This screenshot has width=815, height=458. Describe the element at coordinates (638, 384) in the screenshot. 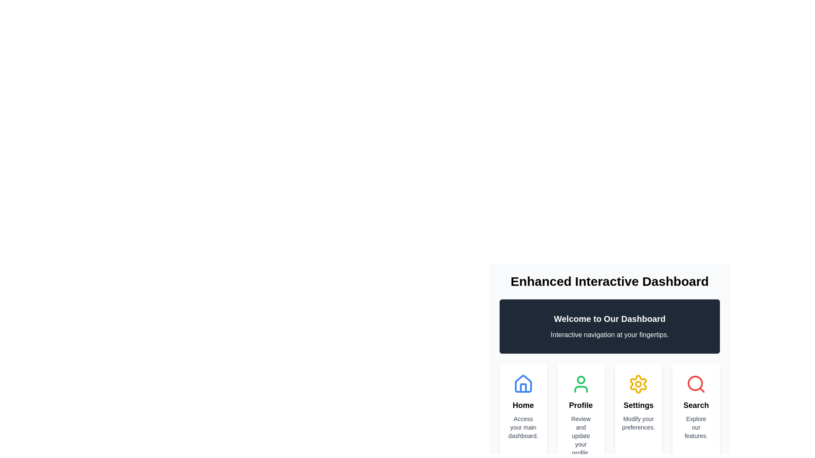

I see `the gear-shaped icon outlined in vibrant yellow, situated above the label 'Settings'` at that location.